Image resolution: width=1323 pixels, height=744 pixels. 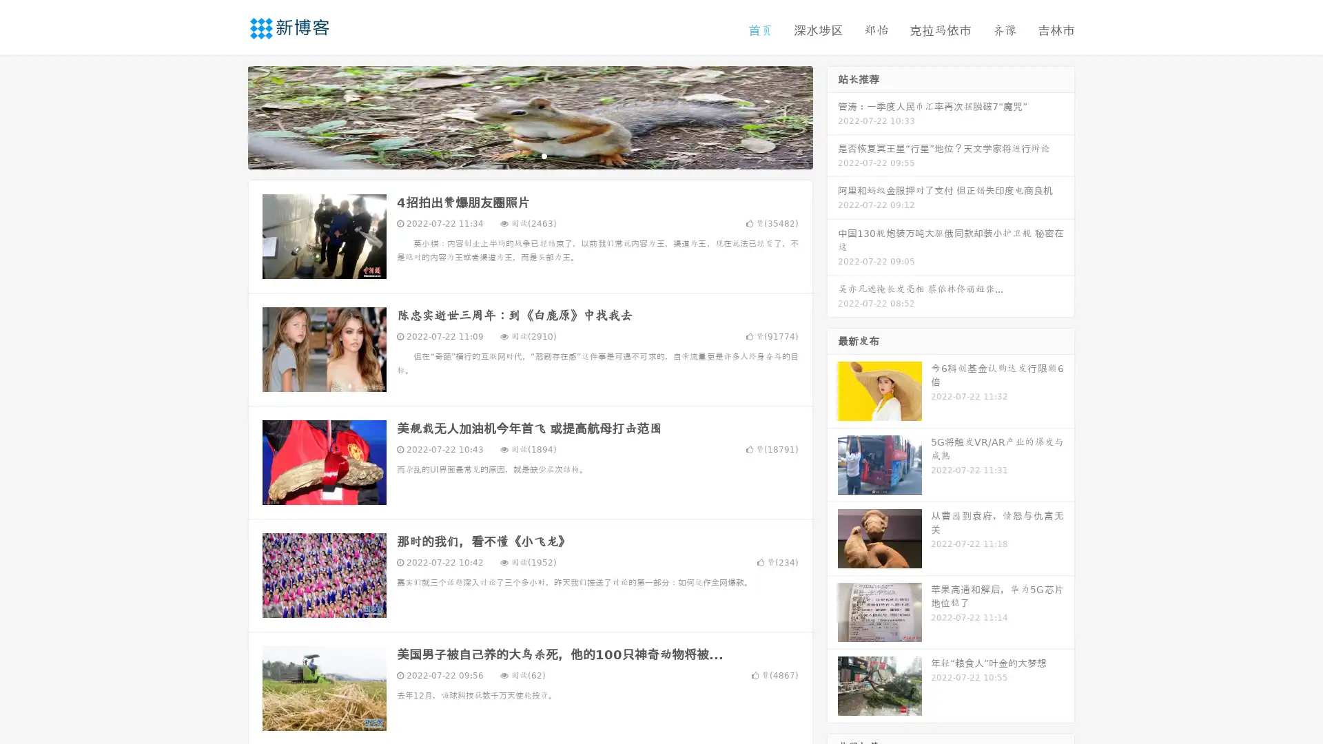 I want to click on Go to slide 2, so click(x=529, y=155).